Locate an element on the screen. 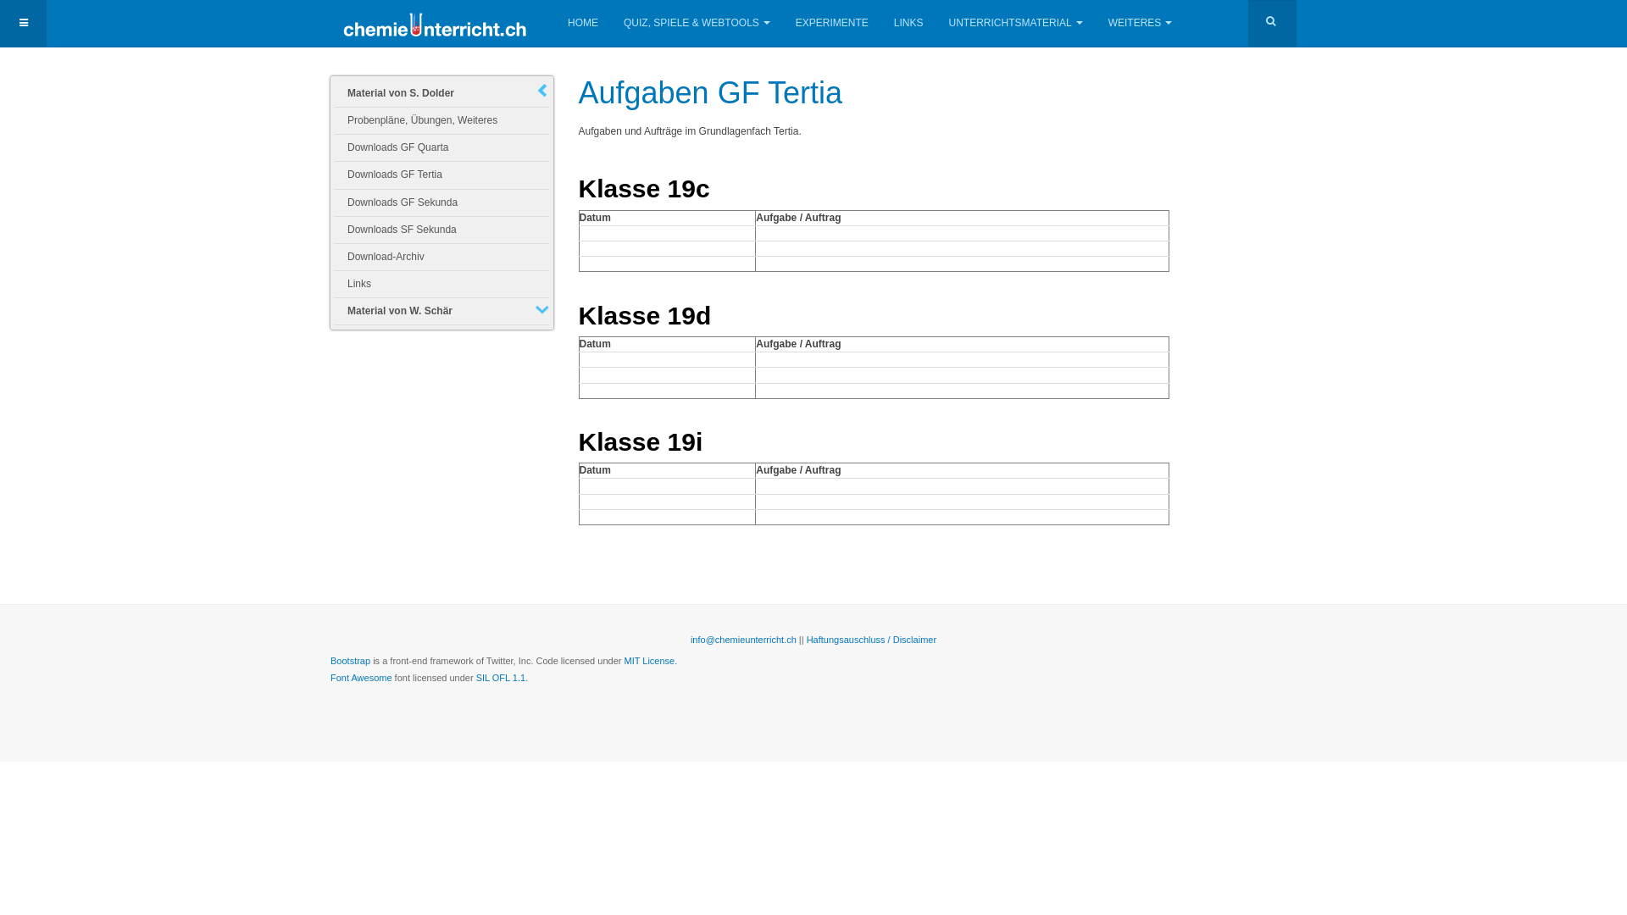 The width and height of the screenshot is (1627, 915). 'chemieunterricht.ch' is located at coordinates (436, 23).